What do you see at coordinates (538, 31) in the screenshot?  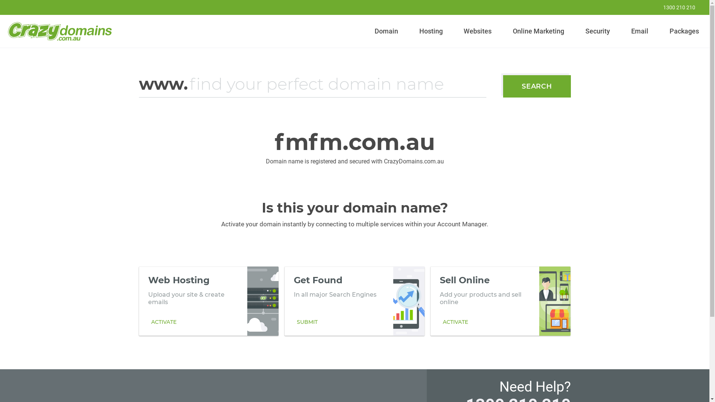 I see `'Online Marketing'` at bounding box center [538, 31].